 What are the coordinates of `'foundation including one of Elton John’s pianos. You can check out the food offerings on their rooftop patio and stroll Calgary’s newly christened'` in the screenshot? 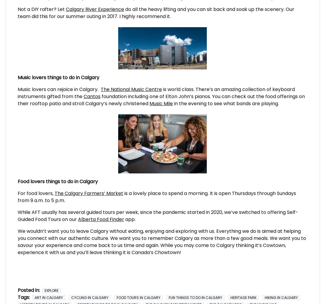 It's located at (17, 100).